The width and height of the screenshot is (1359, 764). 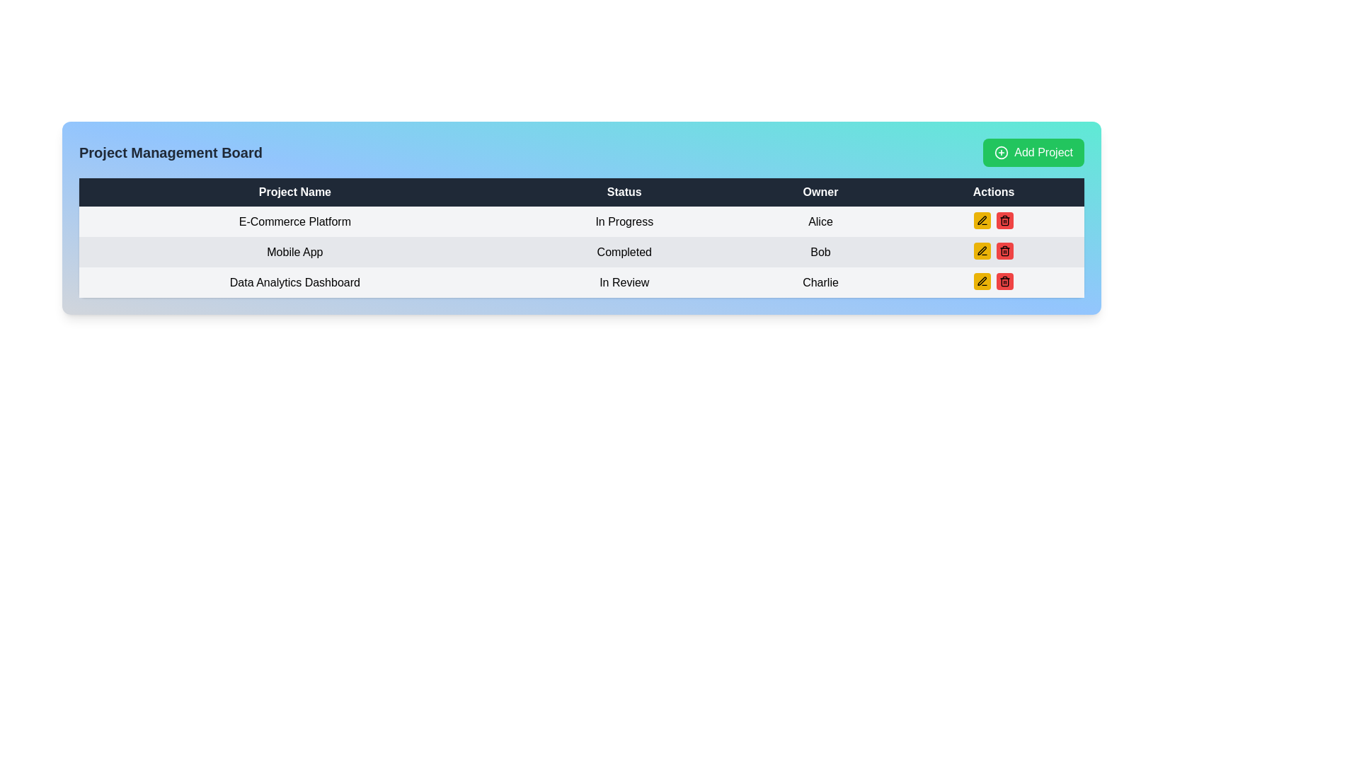 I want to click on the Text Label displaying 'Charlie' in the 'Owner' column of the data table, so click(x=820, y=282).